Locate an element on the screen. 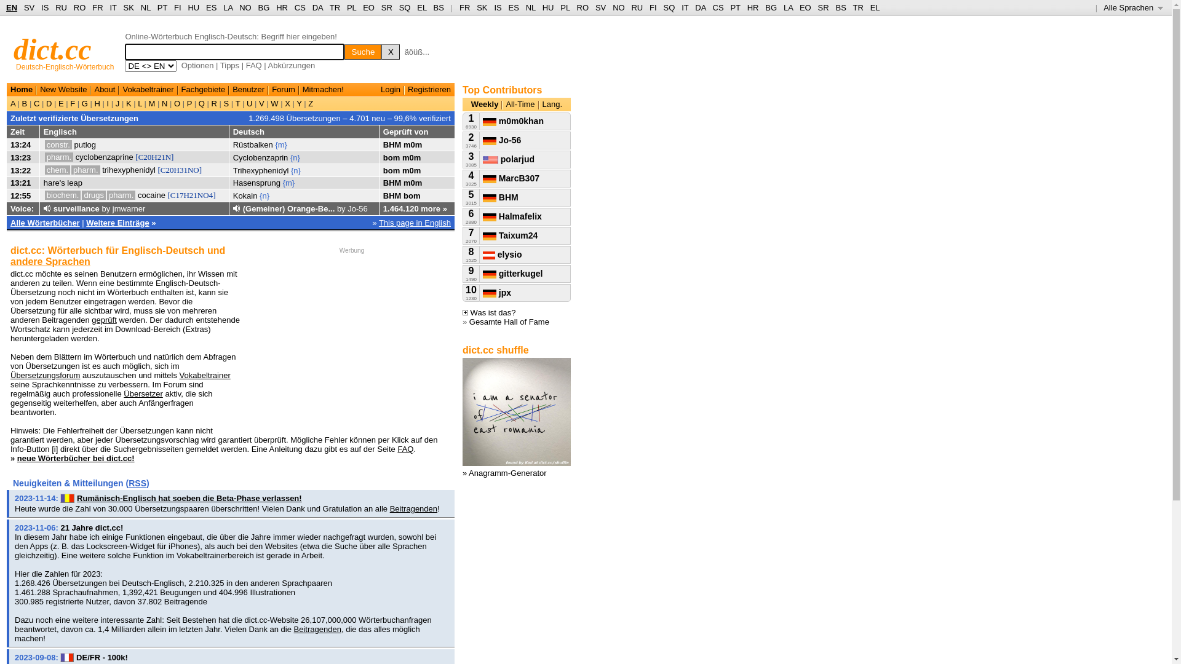  'polarjud' is located at coordinates (482, 158).